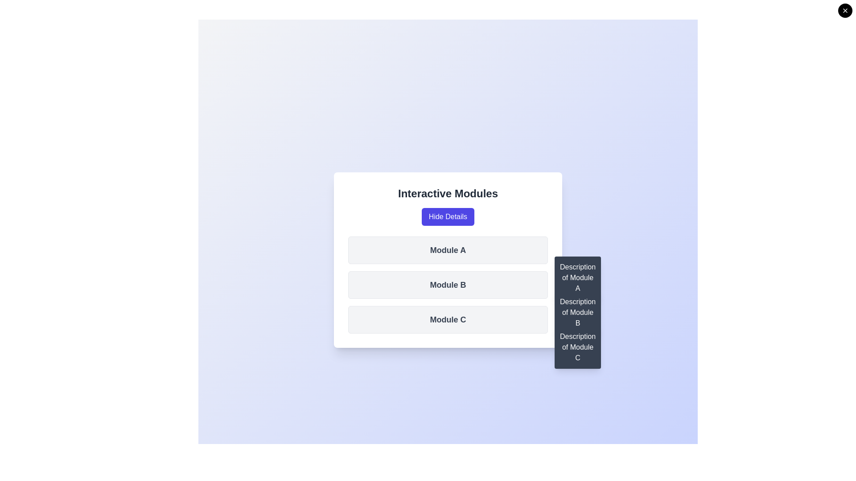 Image resolution: width=856 pixels, height=481 pixels. Describe the element at coordinates (448, 260) in the screenshot. I see `the clickable section for 'Module A,' which is the first module in the vertical list located beneath the 'Hide Details' button and above 'Module B.'` at that location.